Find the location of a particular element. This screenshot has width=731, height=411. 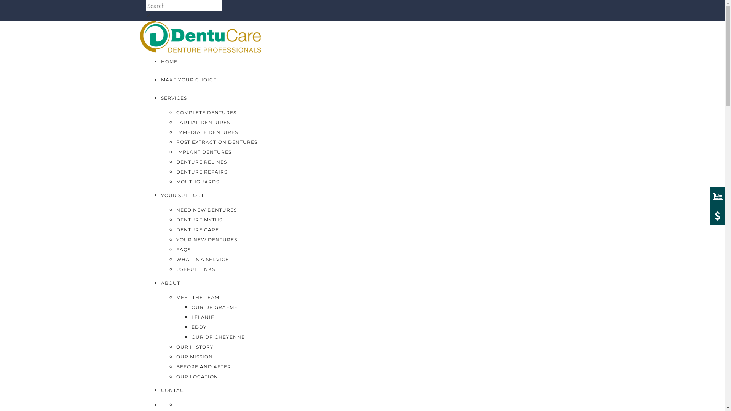

'CONTACT' is located at coordinates (173, 390).